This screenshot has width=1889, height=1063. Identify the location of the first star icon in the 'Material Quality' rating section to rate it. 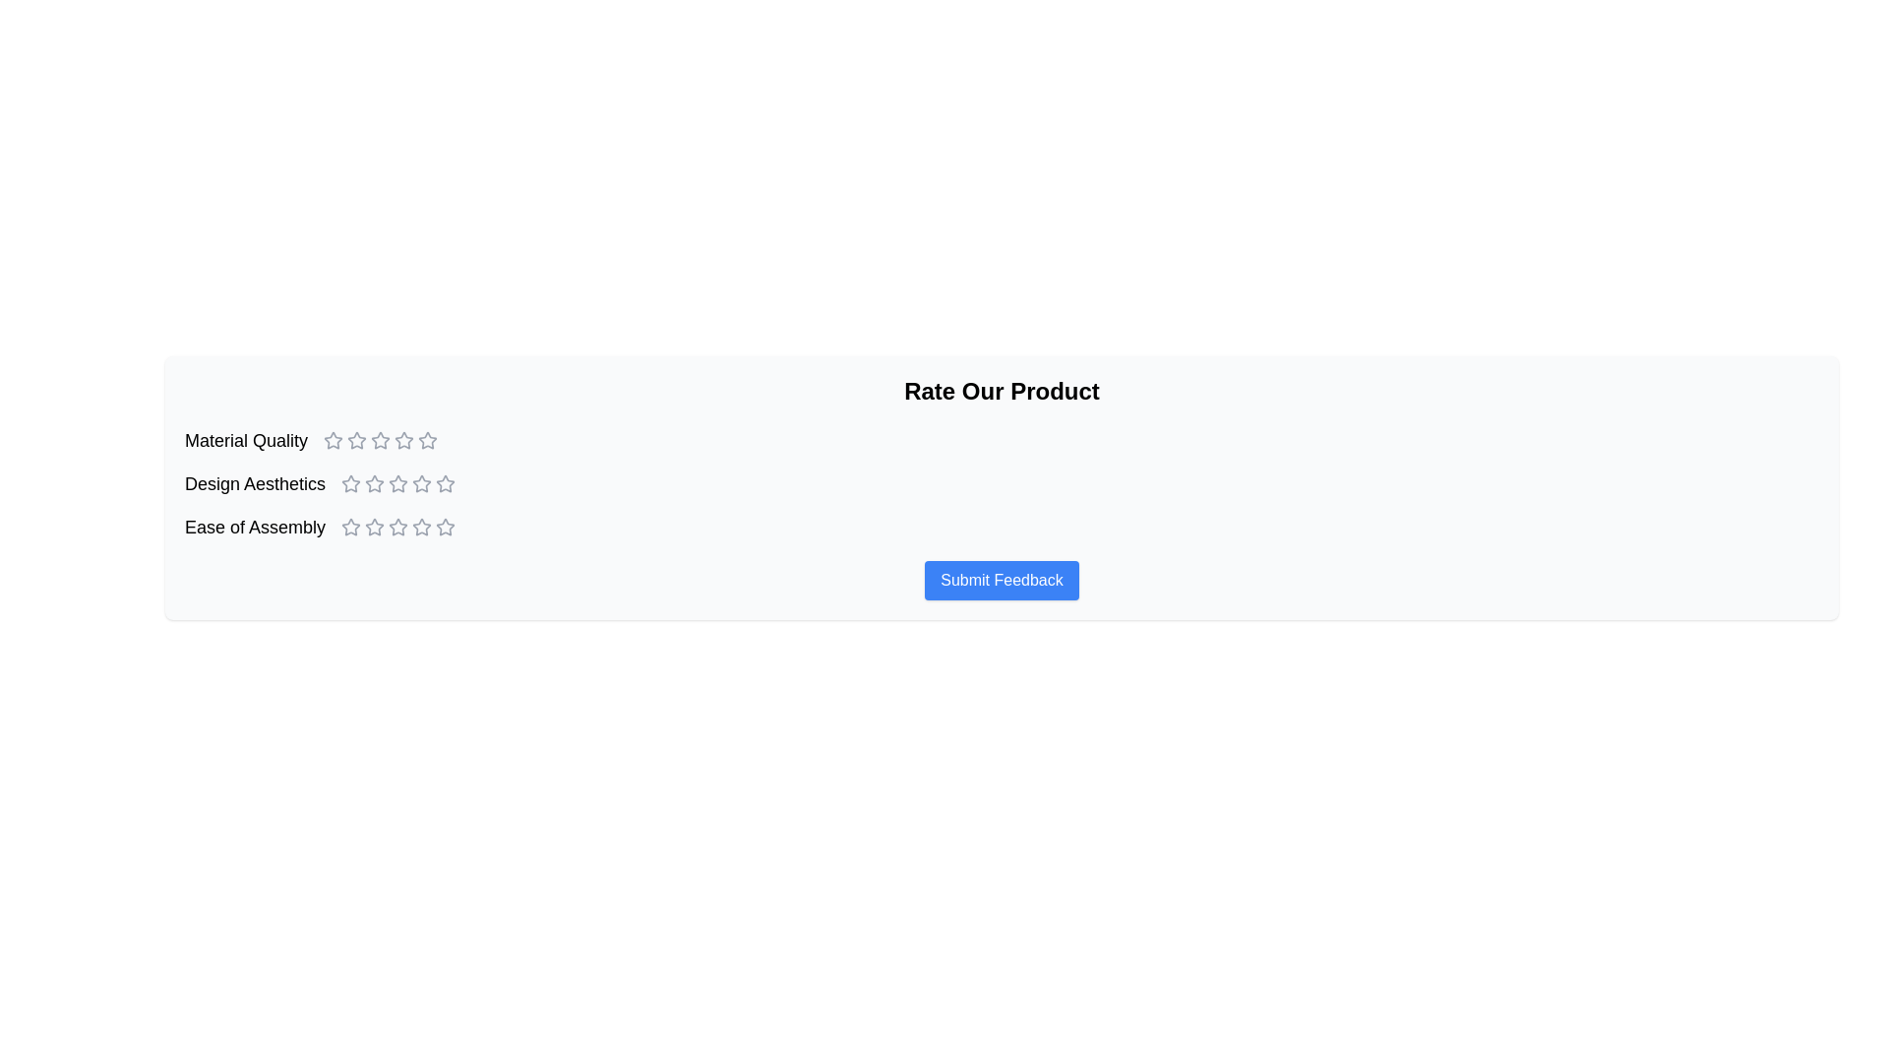
(357, 439).